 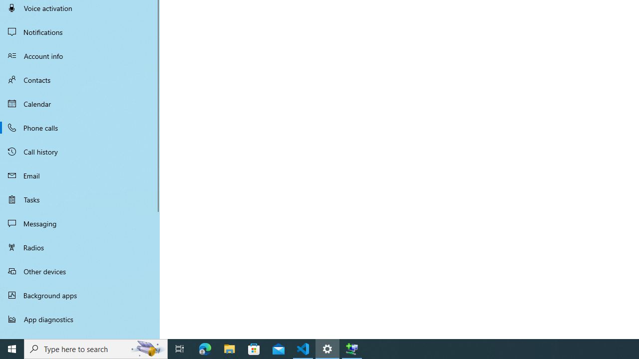 What do you see at coordinates (303, 348) in the screenshot?
I see `'Visual Studio Code - 1 running window'` at bounding box center [303, 348].